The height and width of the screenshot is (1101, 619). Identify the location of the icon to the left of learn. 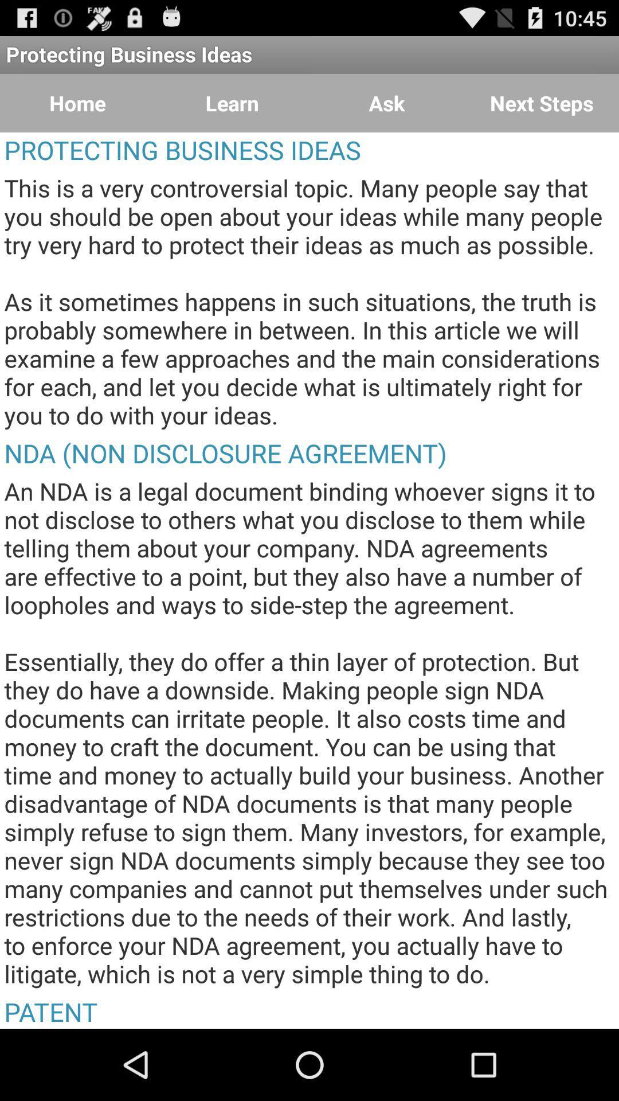
(77, 103).